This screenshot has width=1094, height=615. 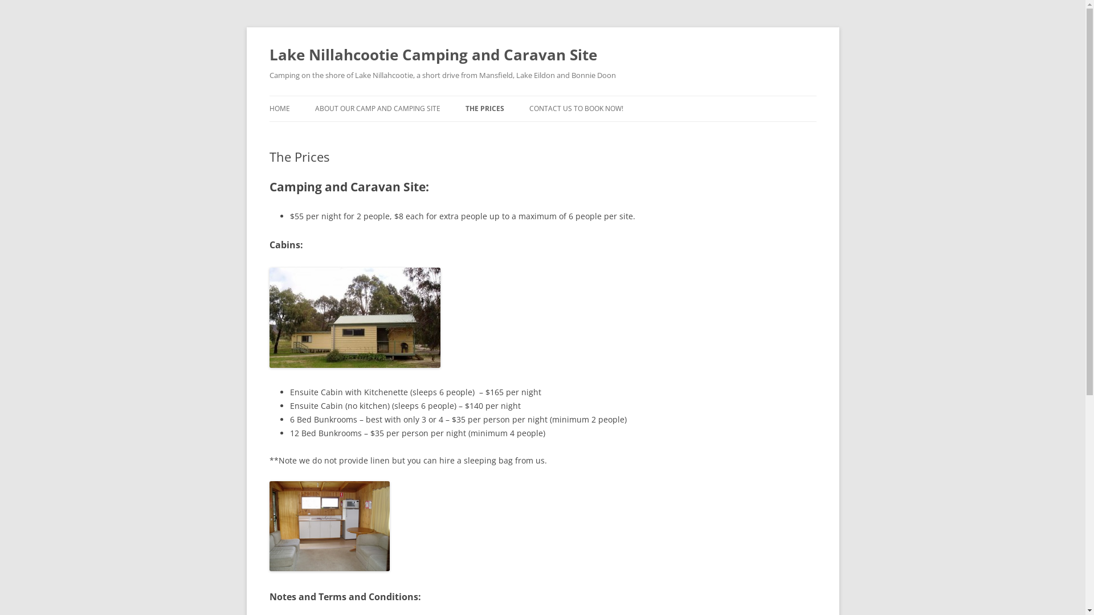 I want to click on 'THE PRICES', so click(x=484, y=109).